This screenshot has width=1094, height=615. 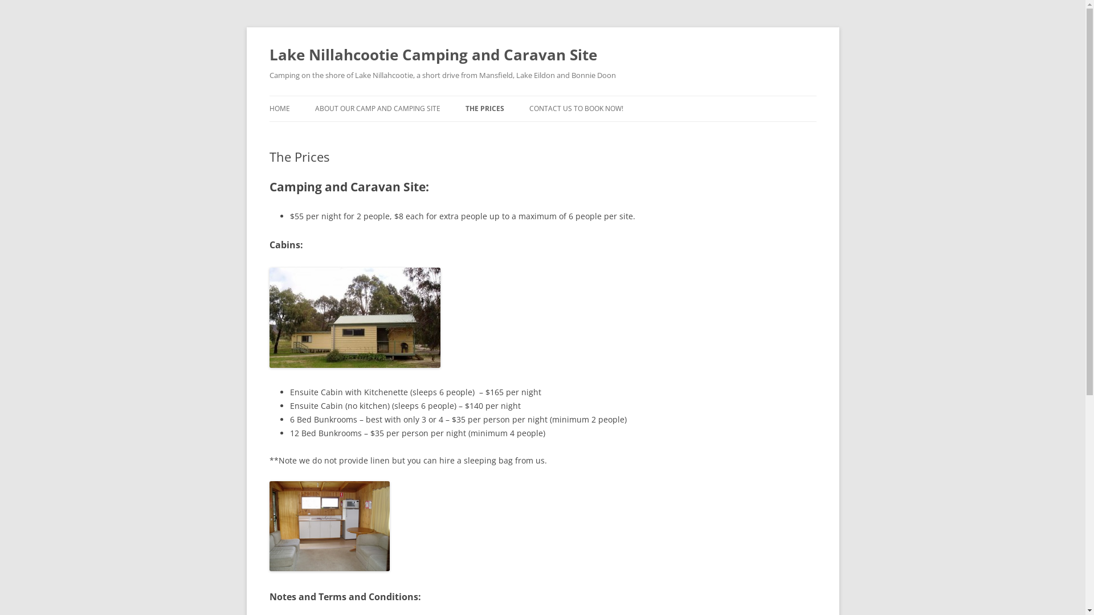 I want to click on 'THE PRICES', so click(x=484, y=109).